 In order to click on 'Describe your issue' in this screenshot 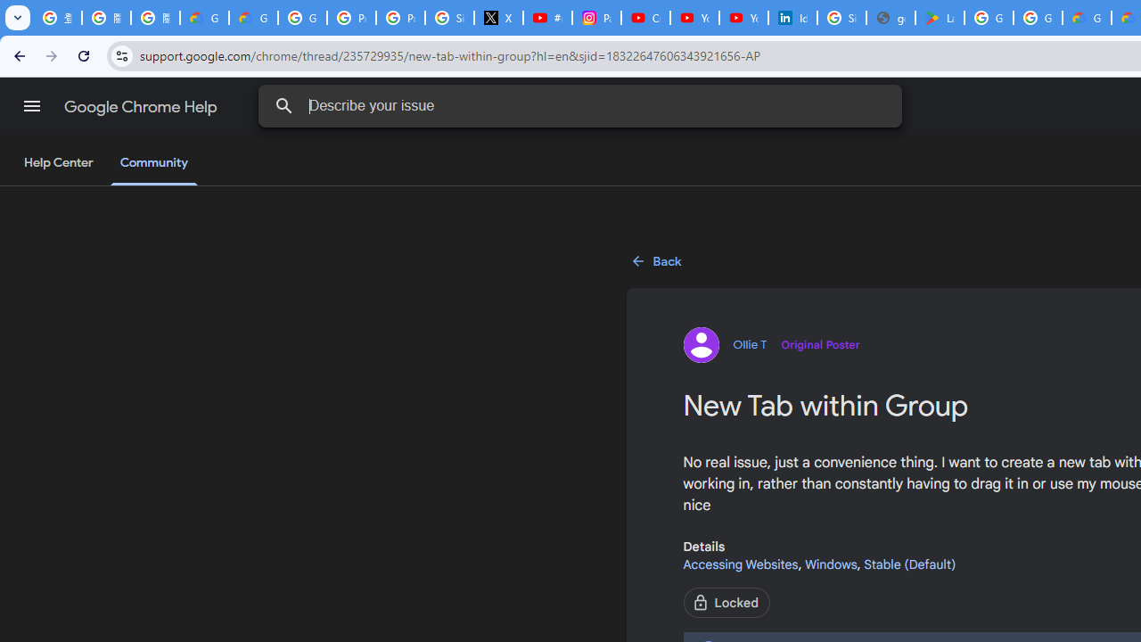, I will do `click(583, 105)`.